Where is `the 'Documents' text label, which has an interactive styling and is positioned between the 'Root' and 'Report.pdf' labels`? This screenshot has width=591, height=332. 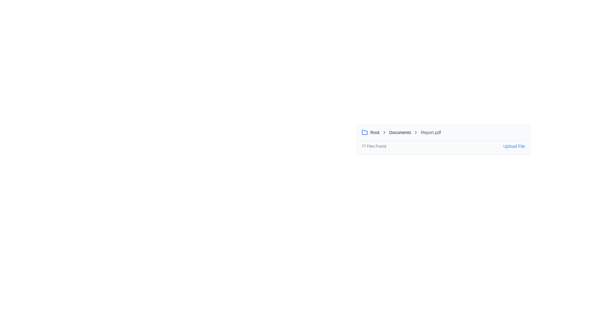
the 'Documents' text label, which has an interactive styling and is positioned between the 'Root' and 'Report.pdf' labels is located at coordinates (400, 132).